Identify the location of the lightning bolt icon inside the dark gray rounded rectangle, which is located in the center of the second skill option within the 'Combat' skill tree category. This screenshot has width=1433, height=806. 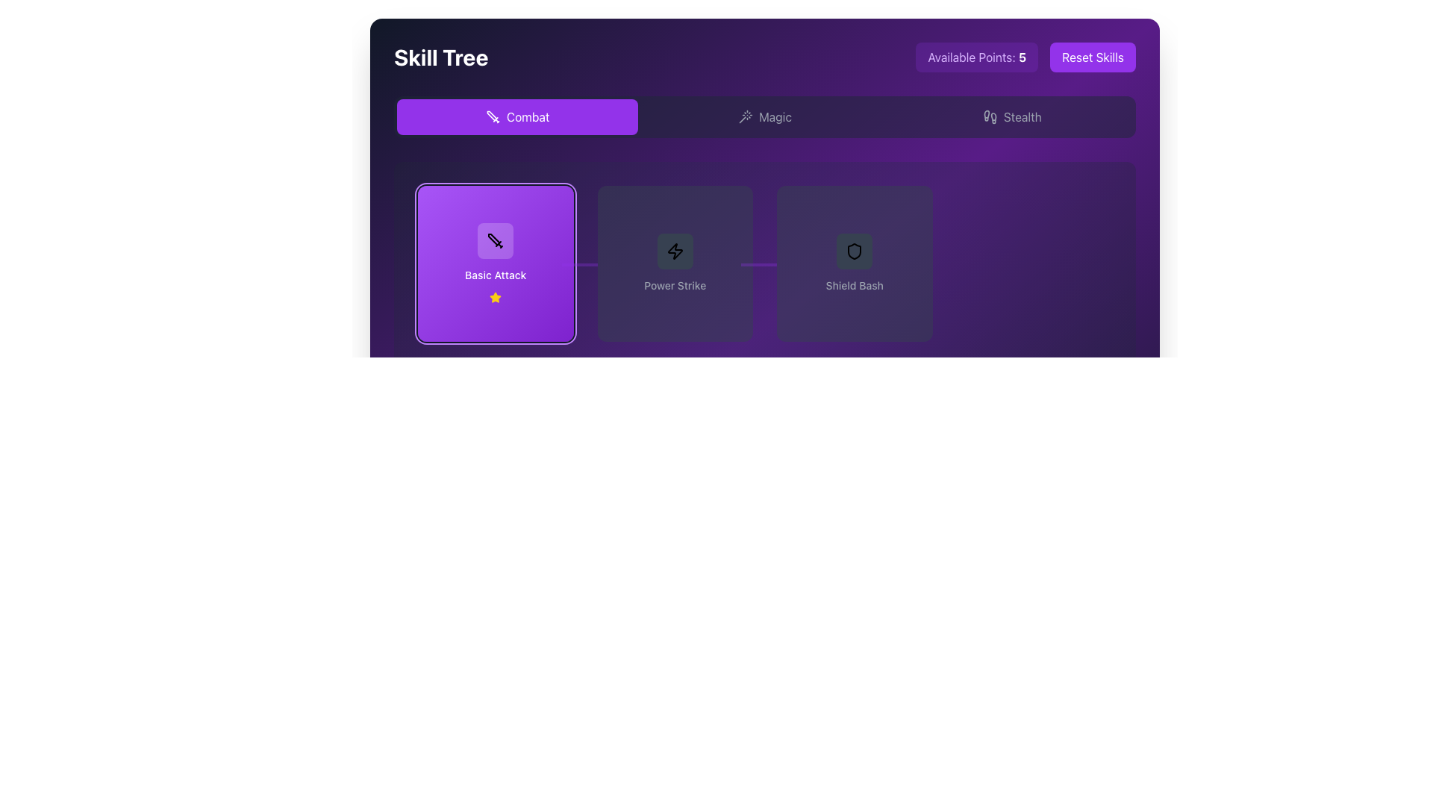
(674, 251).